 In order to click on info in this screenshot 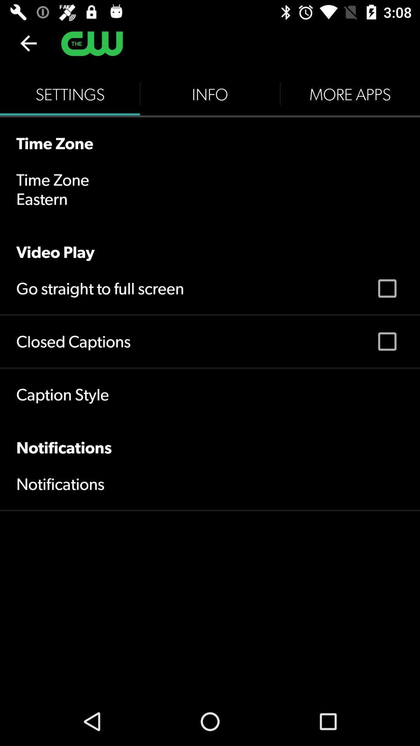, I will do `click(210, 94)`.